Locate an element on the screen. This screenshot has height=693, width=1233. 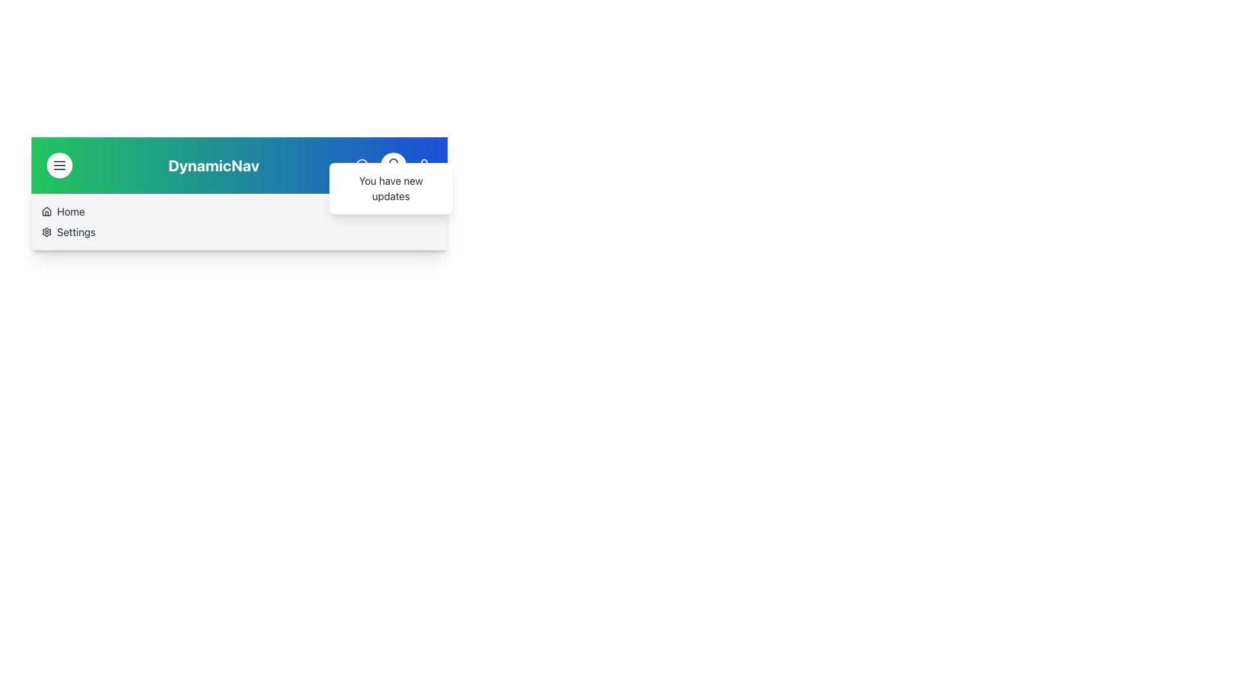
the notification button located in the top-right corner of the navigation bar is located at coordinates (393, 165).